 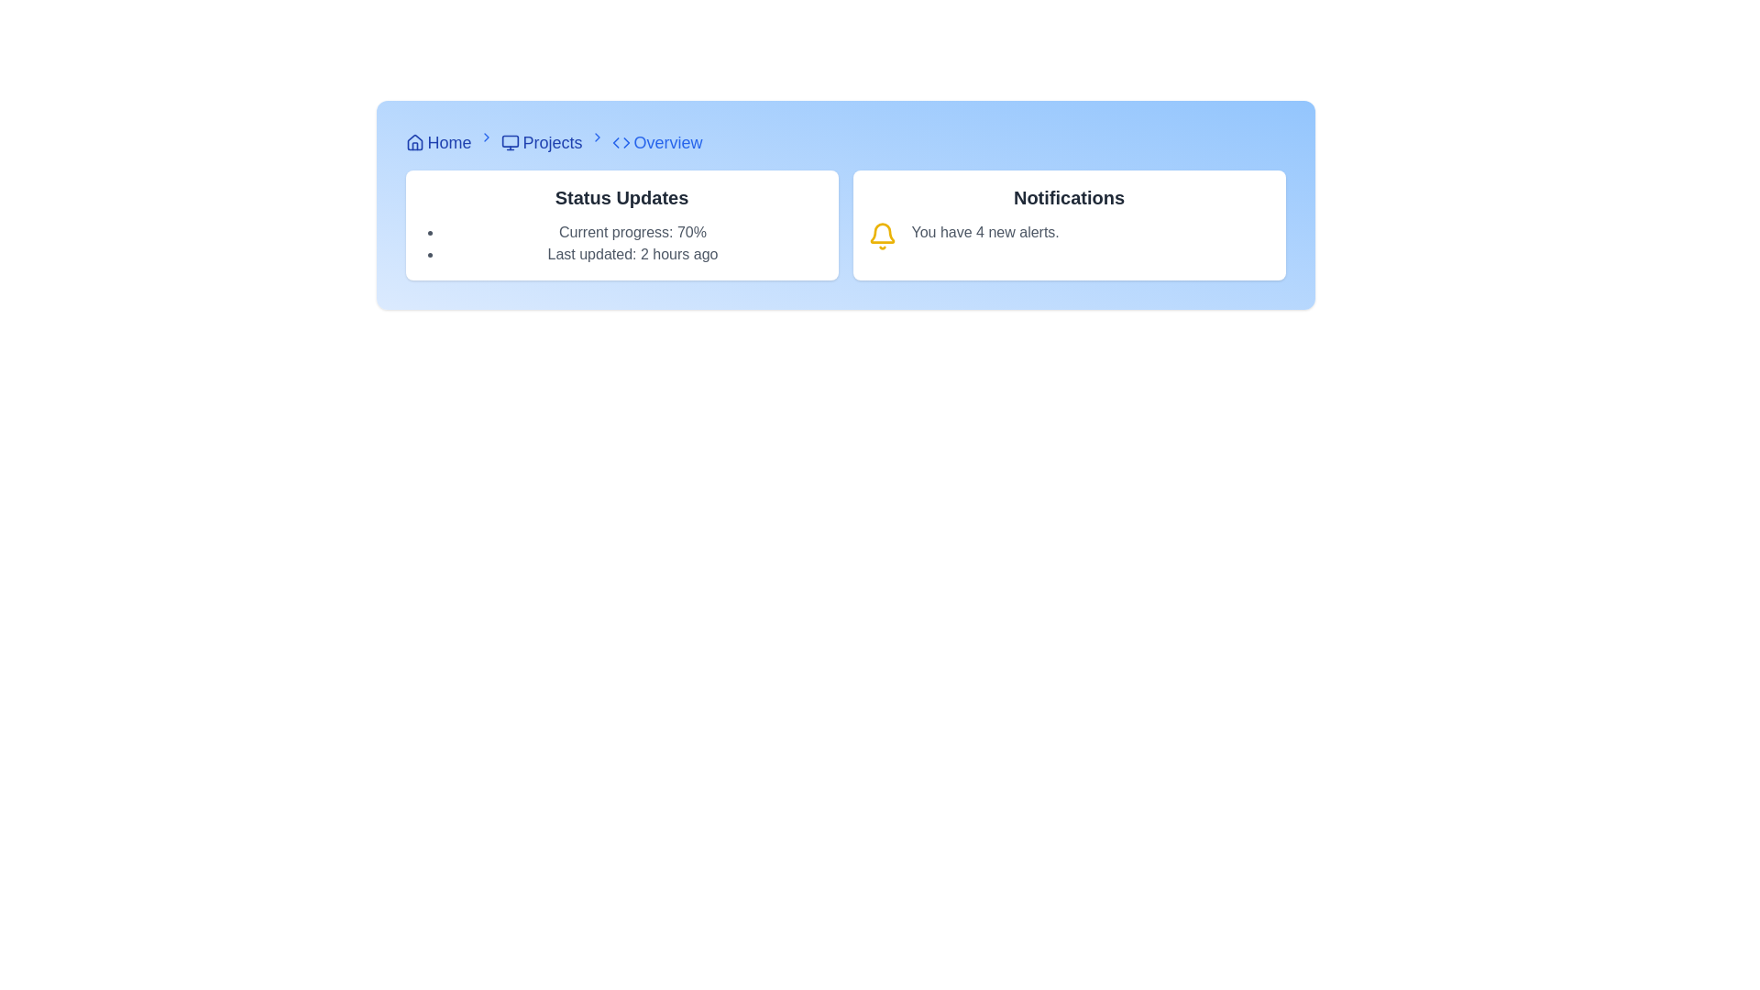 What do you see at coordinates (882, 232) in the screenshot?
I see `the notification icon located in the right-side column under the 'Notifications' section, which visually represents alerts or updates` at bounding box center [882, 232].